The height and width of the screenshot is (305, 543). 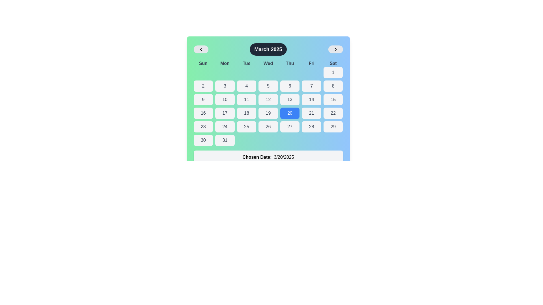 I want to click on the rectangular button with rounded corners that displays the number '10' in dark gray text, located, so click(x=225, y=99).